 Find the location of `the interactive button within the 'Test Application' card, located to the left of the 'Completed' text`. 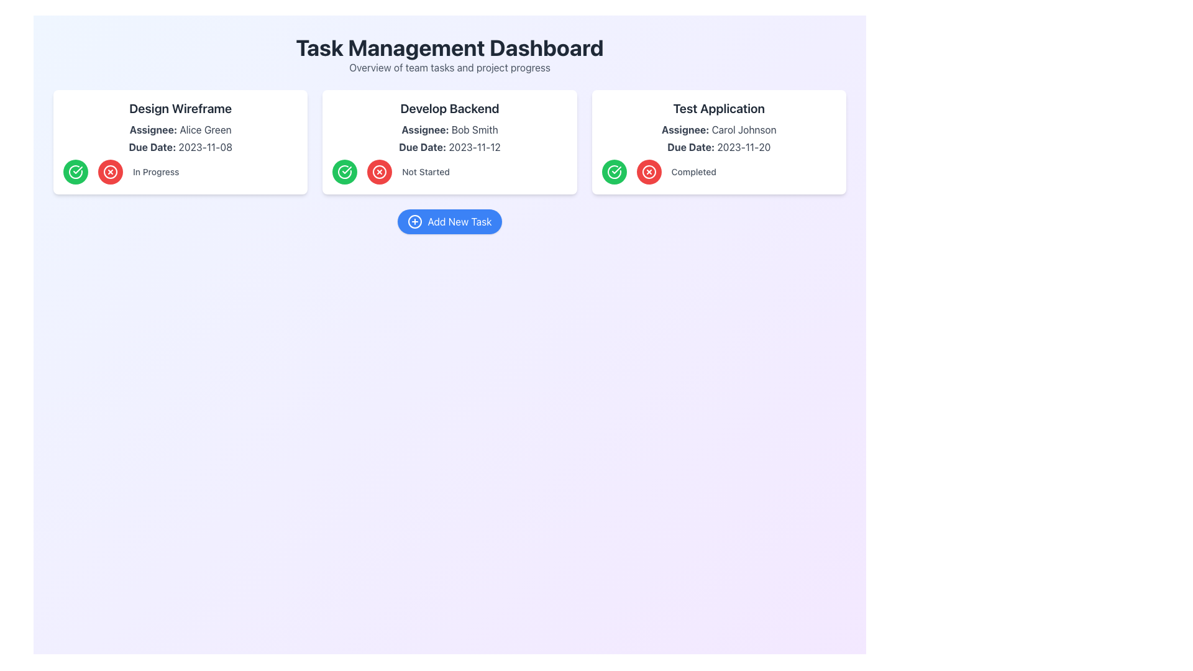

the interactive button within the 'Test Application' card, located to the left of the 'Completed' text is located at coordinates (648, 172).